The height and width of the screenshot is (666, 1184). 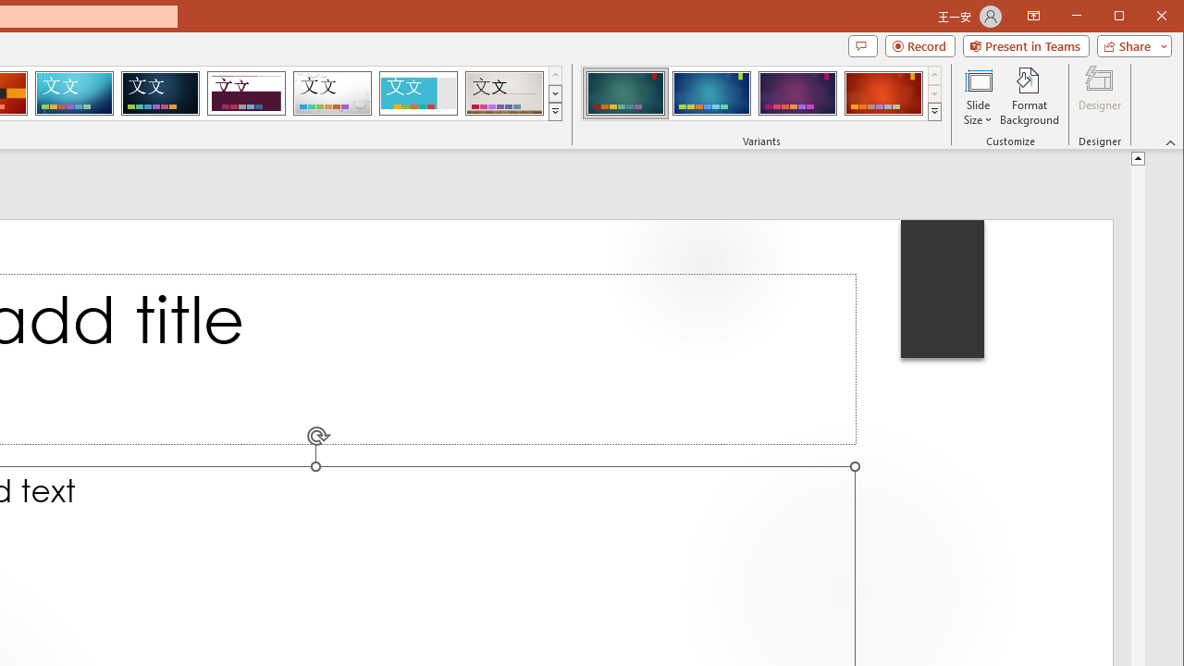 What do you see at coordinates (797, 92) in the screenshot?
I see `'Ion Variant 3'` at bounding box center [797, 92].